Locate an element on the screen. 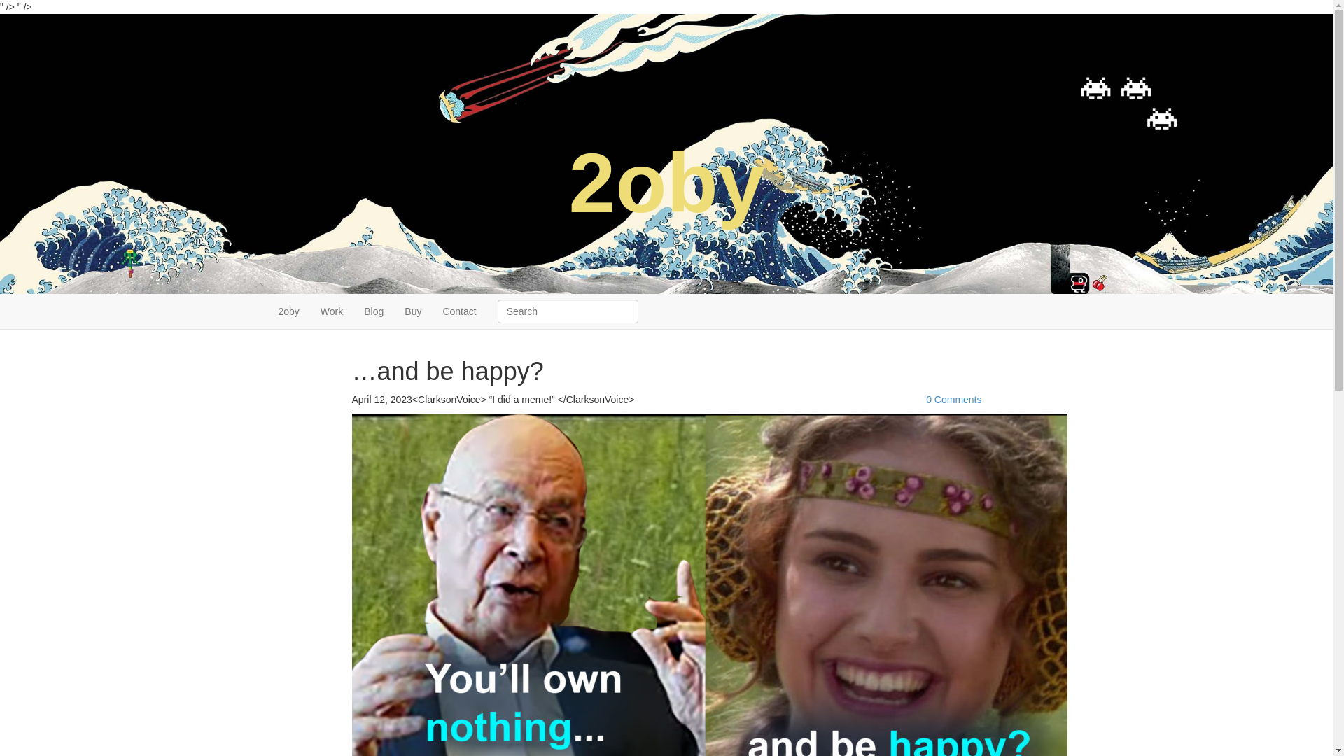  'Contact' is located at coordinates (459, 310).